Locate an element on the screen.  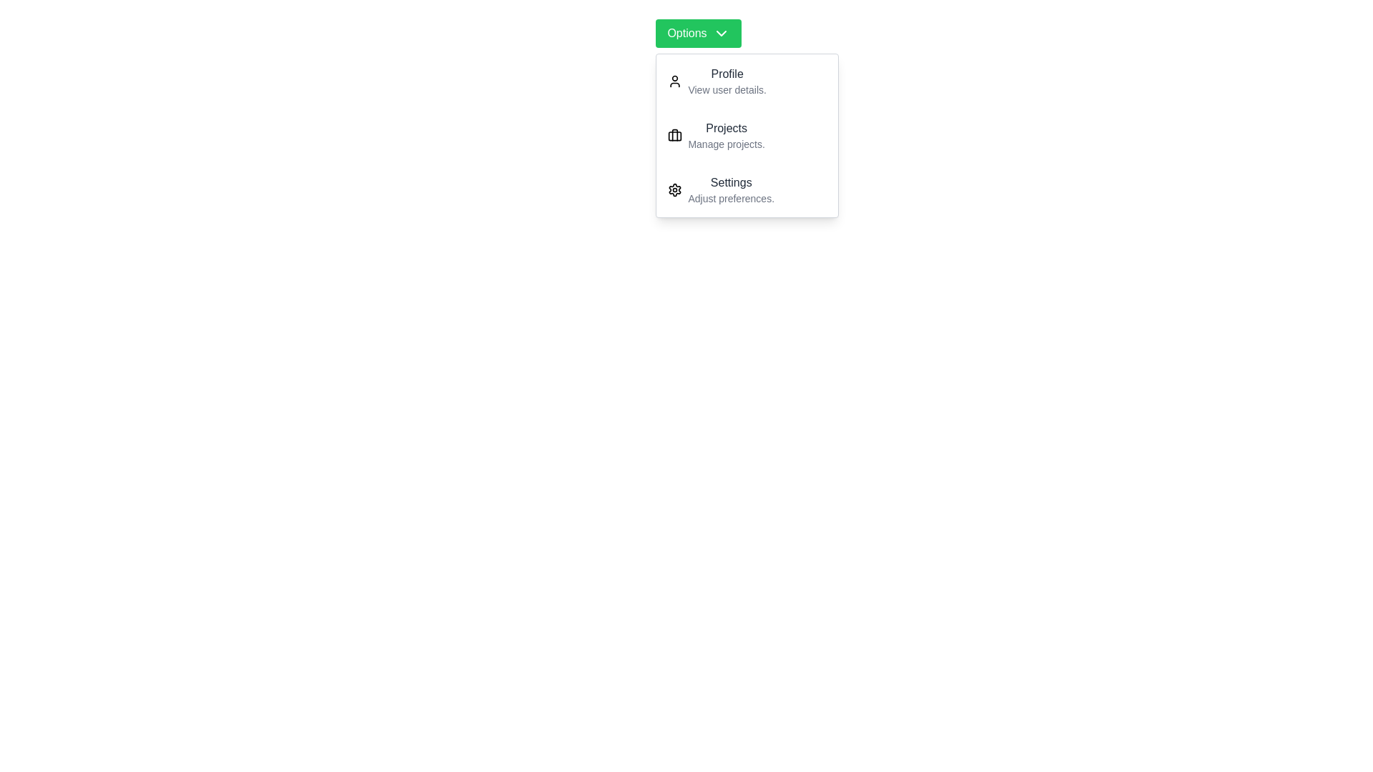
the icon for Settings is located at coordinates (674, 189).